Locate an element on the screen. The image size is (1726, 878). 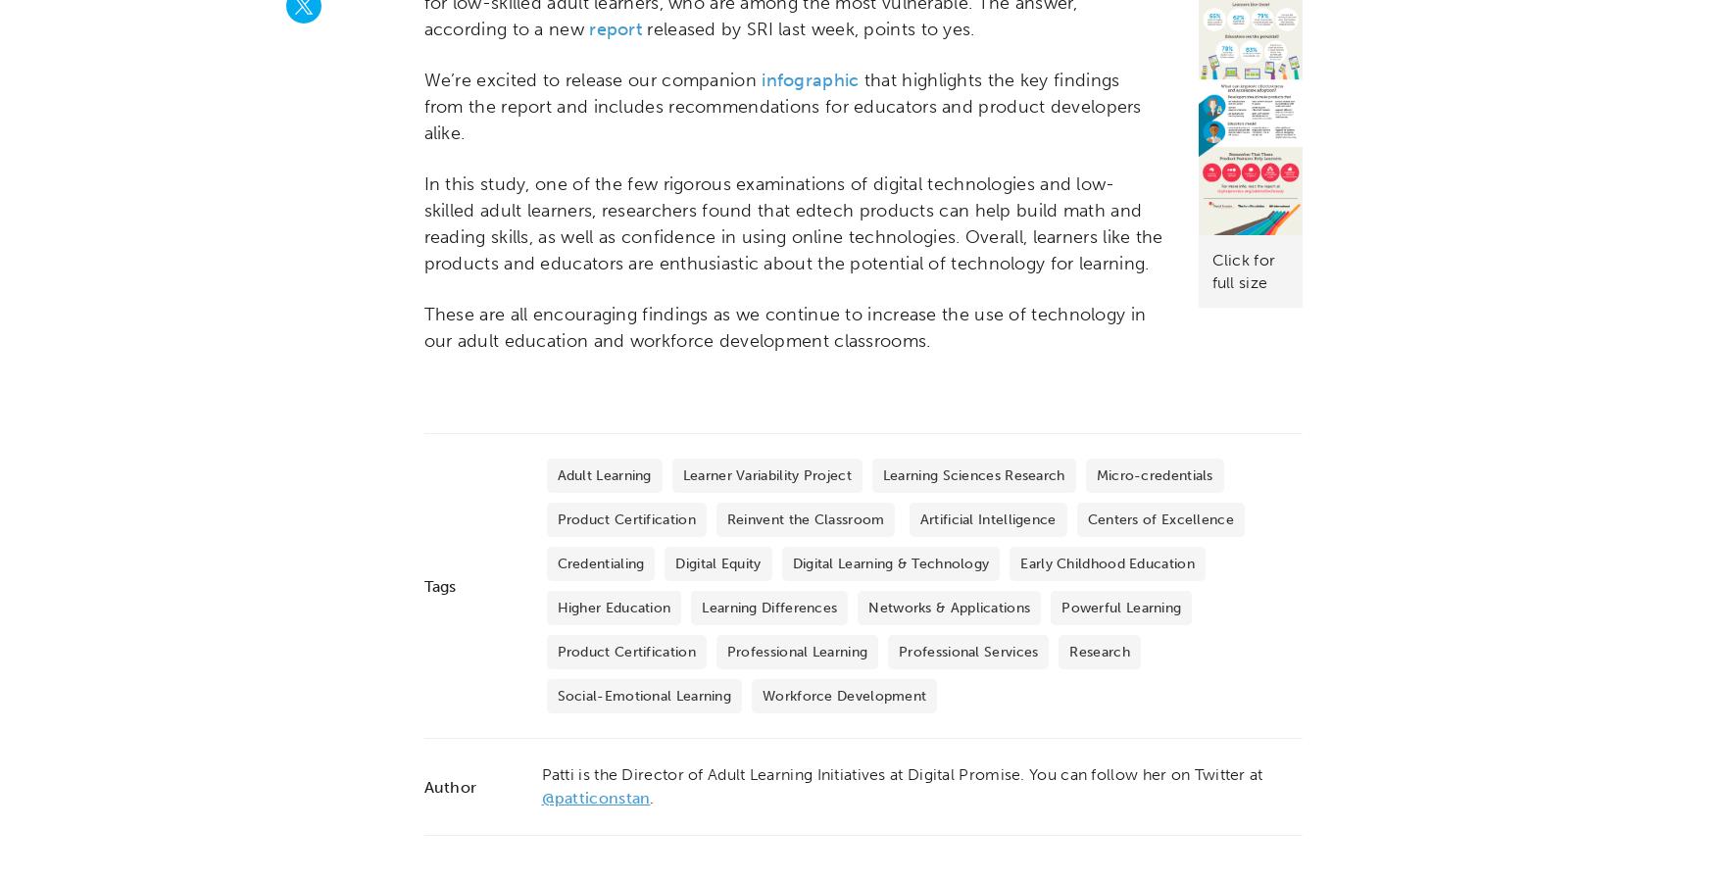
'Professional Services' is located at coordinates (966, 652).